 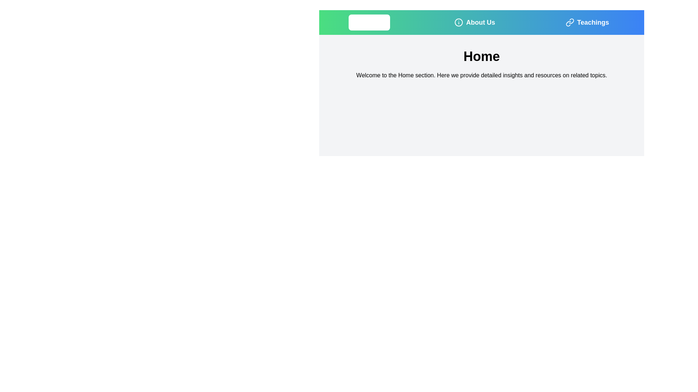 I want to click on the navigational link with an accompanying icon located in the center-right area of the top header bar, so click(x=475, y=22).